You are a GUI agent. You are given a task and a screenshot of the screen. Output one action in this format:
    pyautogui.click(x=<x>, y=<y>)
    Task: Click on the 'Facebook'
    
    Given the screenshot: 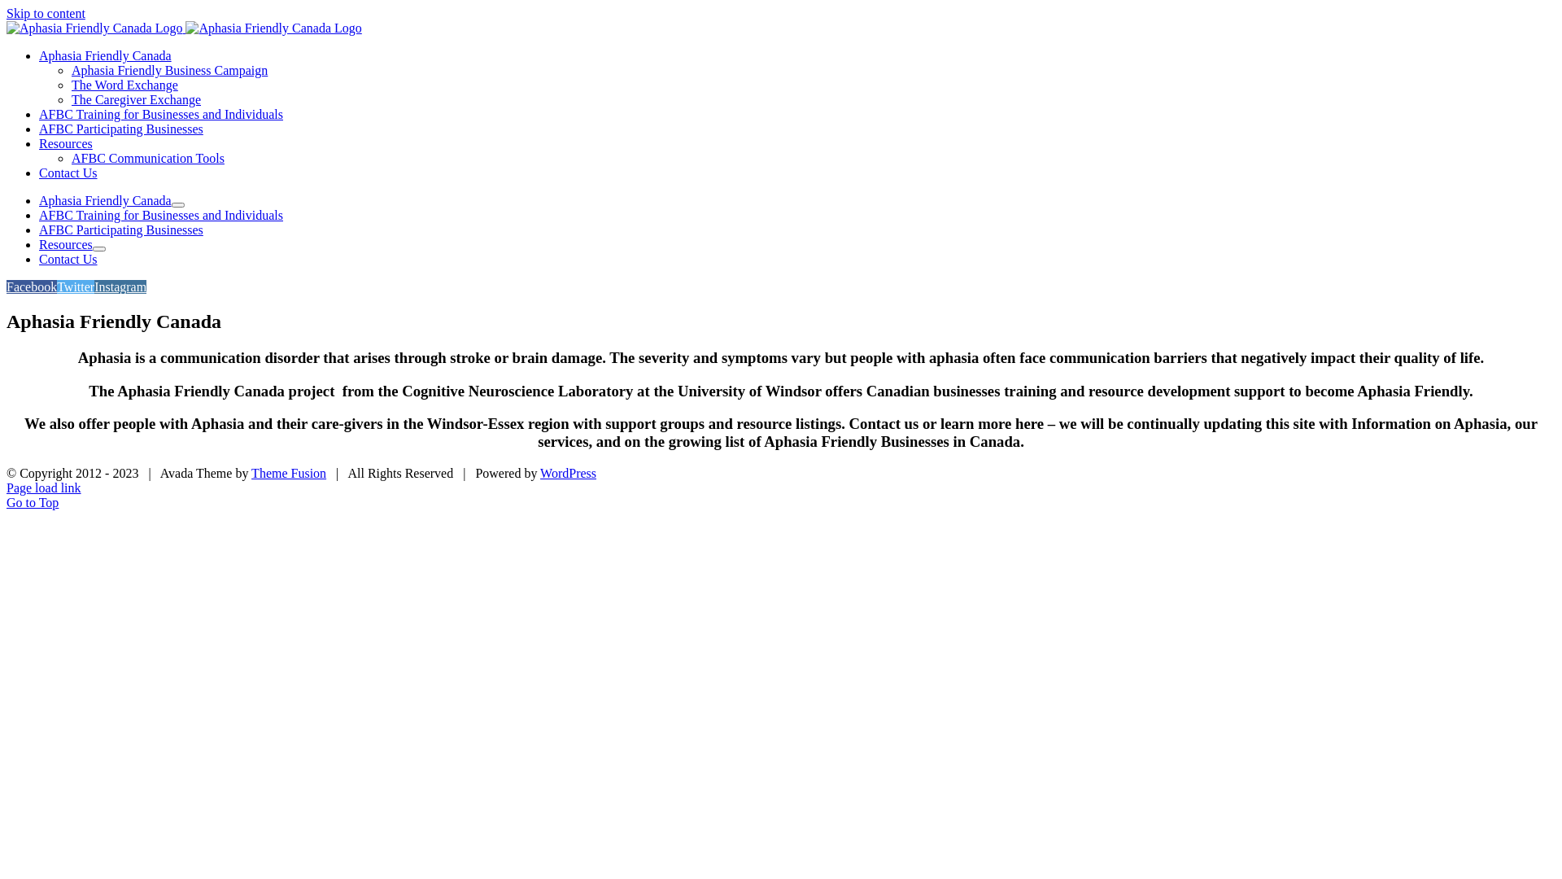 What is the action you would take?
    pyautogui.click(x=31, y=286)
    